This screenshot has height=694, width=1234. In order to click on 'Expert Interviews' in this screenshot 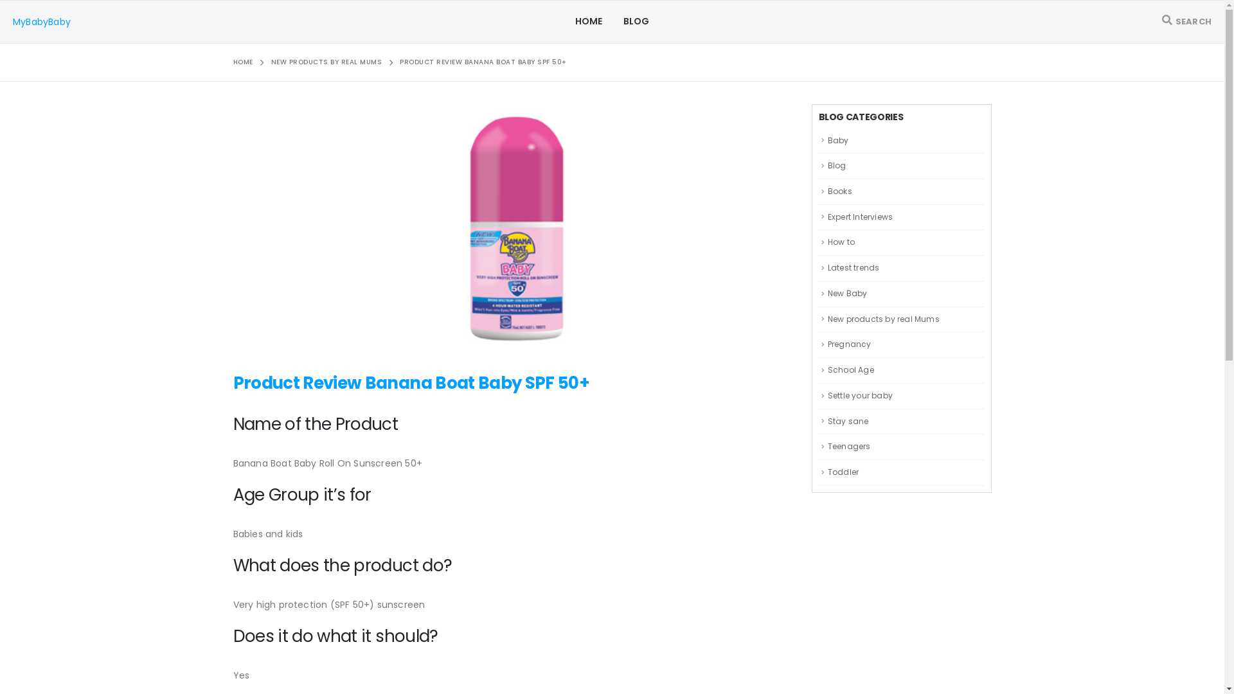, I will do `click(860, 216)`.